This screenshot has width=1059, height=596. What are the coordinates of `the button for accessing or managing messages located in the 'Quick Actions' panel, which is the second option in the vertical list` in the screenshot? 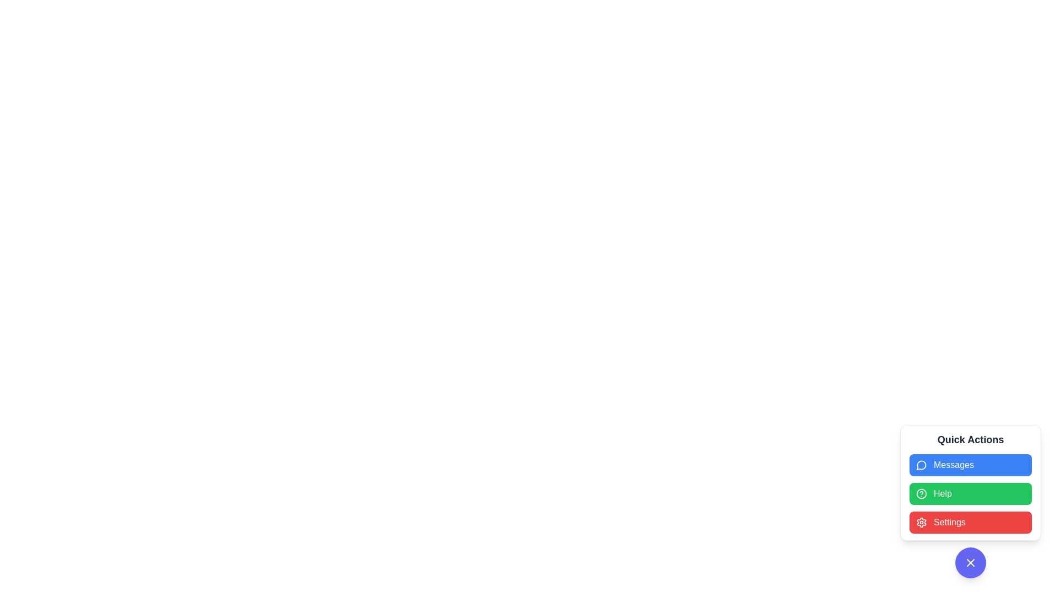 It's located at (971, 465).